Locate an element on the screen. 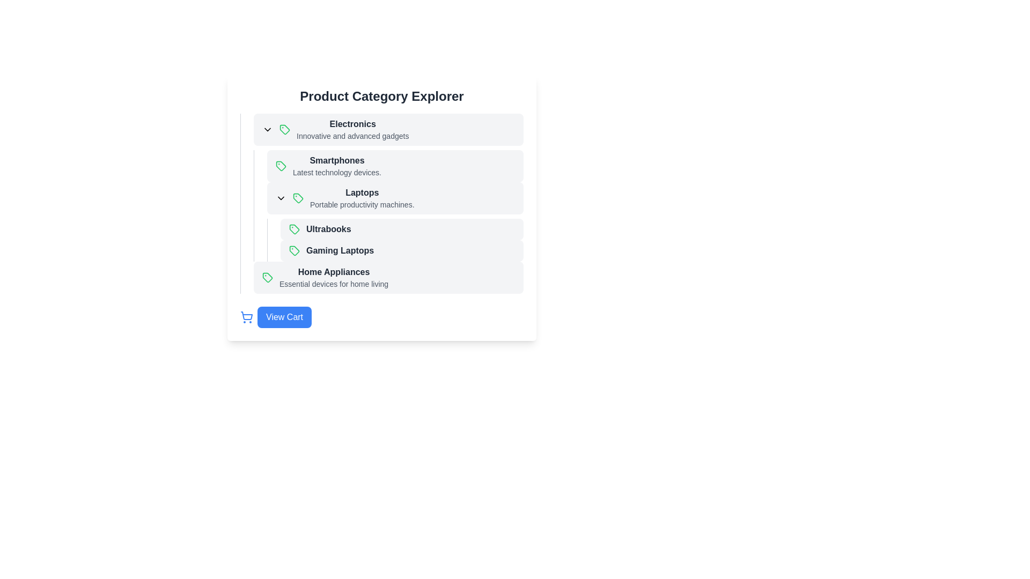 This screenshot has width=1030, height=579. the 'Electronics' text label with structured content in the Product Category Explorer is located at coordinates (352, 129).